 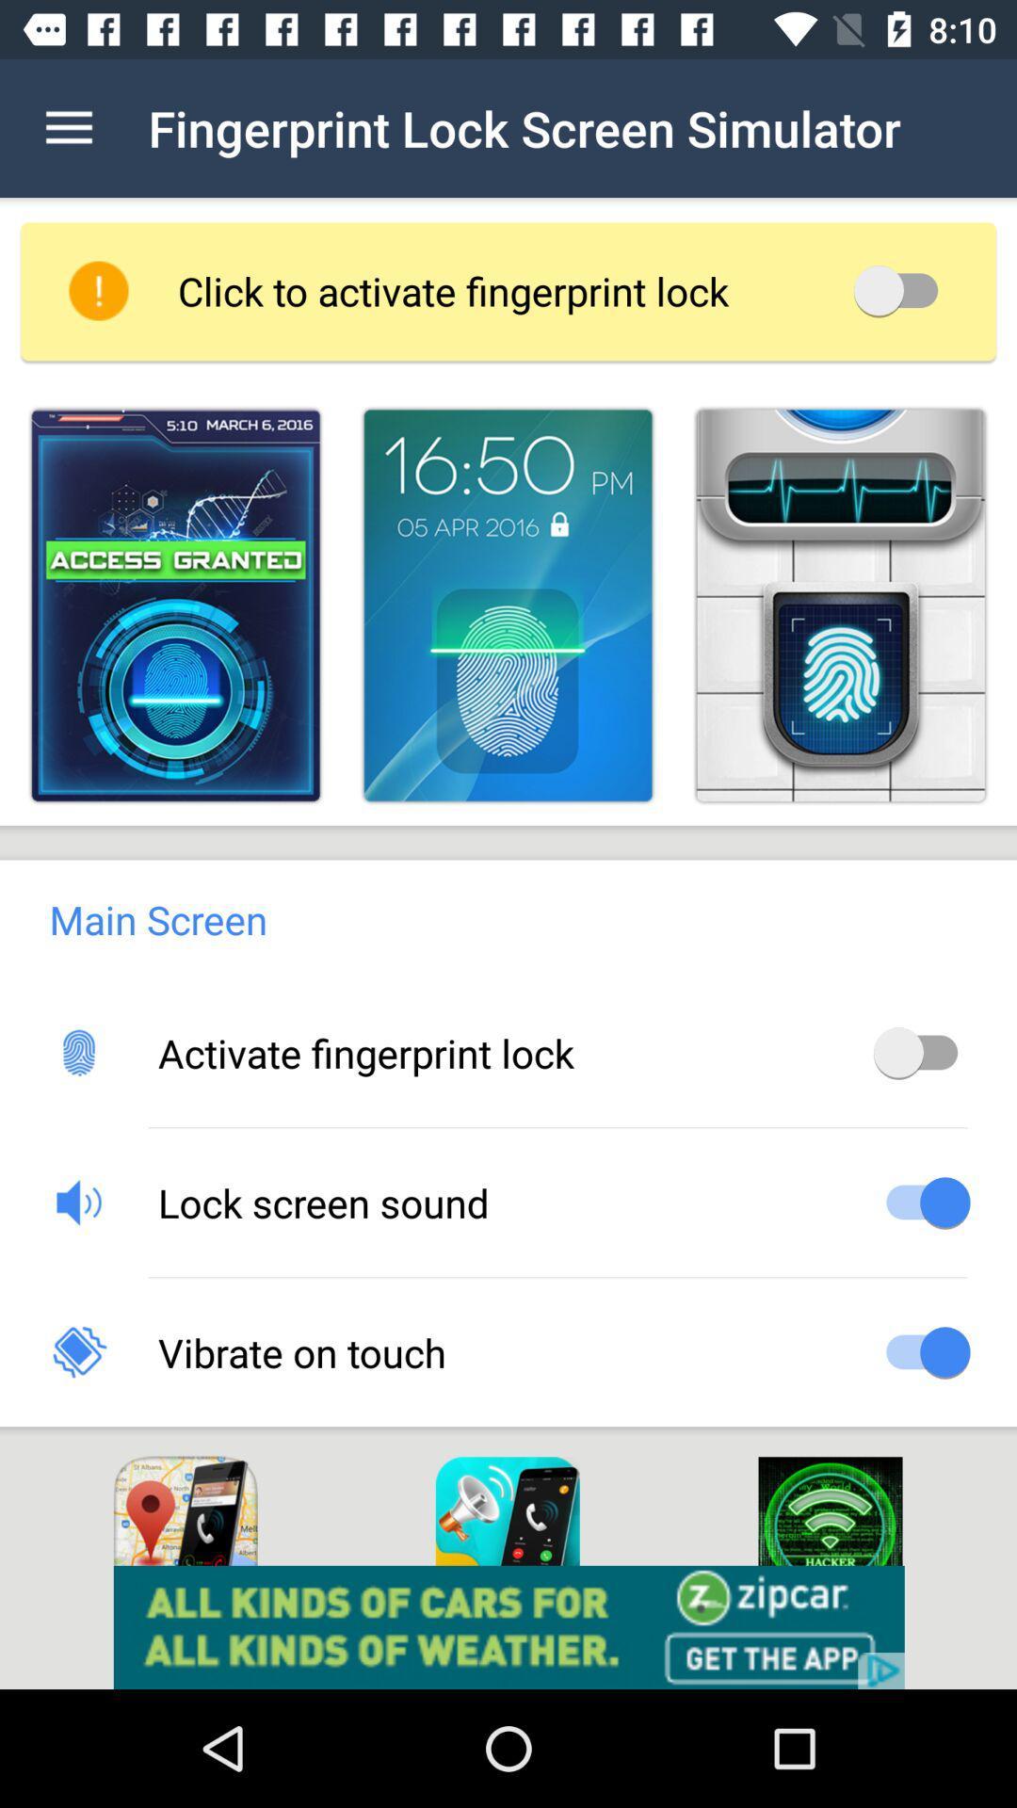 I want to click on changes theme, so click(x=839, y=605).